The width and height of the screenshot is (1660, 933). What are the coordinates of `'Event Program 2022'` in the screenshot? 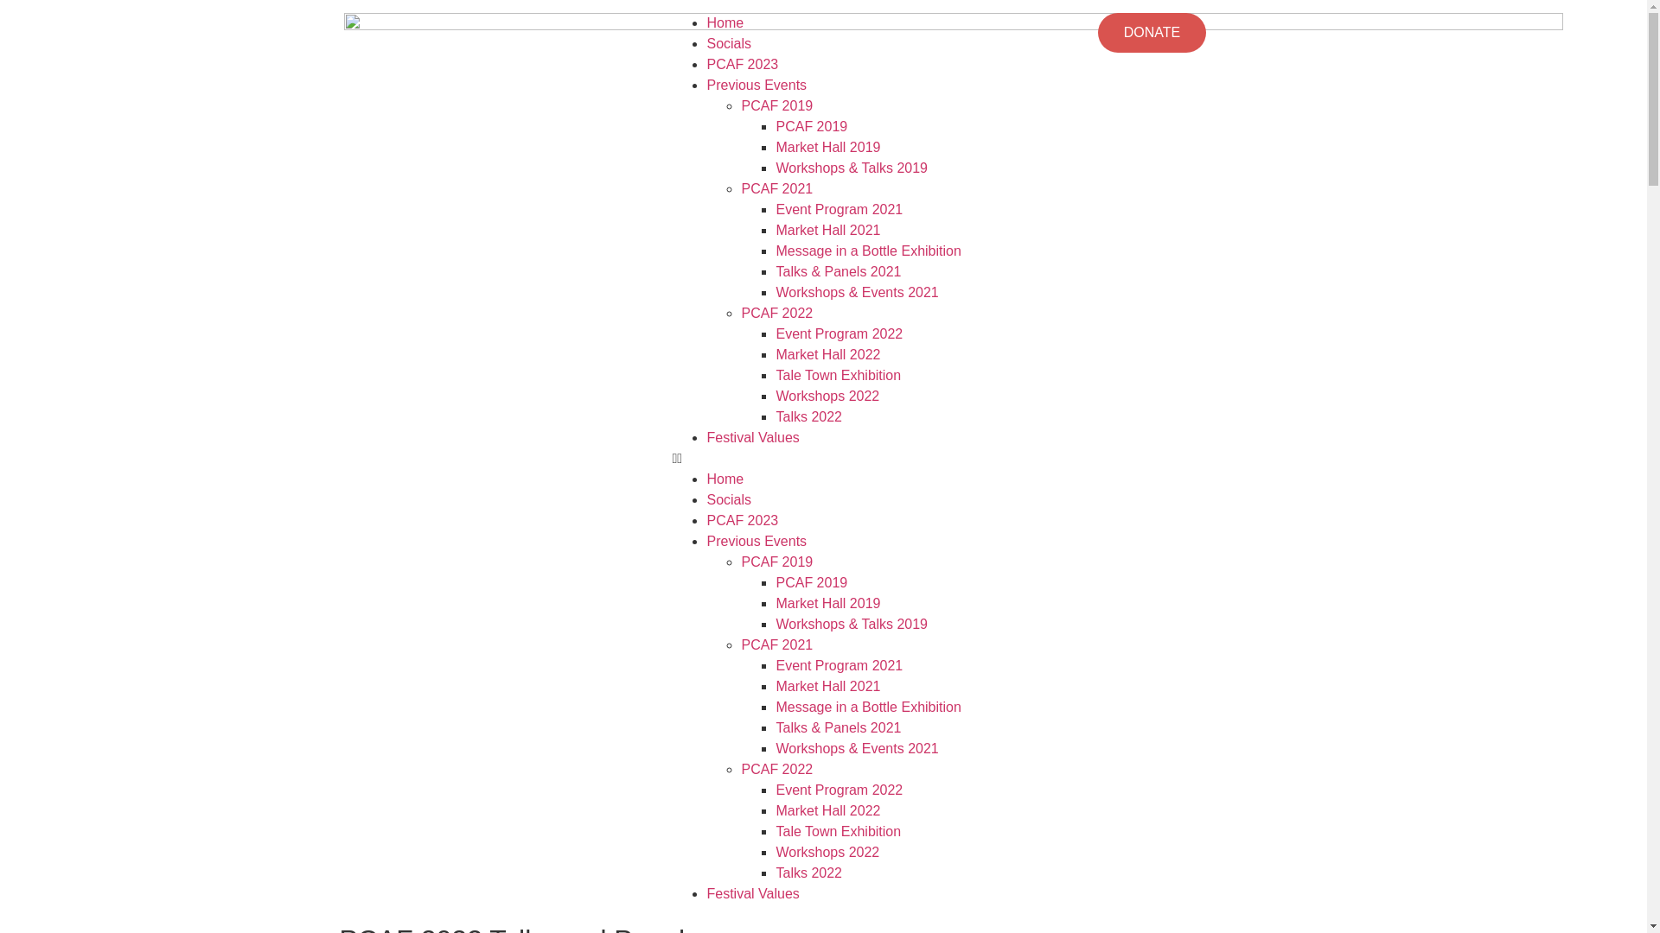 It's located at (775, 790).